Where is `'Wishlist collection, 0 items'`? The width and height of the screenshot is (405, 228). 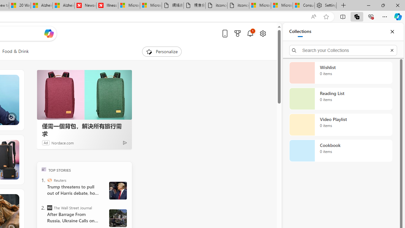
'Wishlist collection, 0 items' is located at coordinates (340, 73).